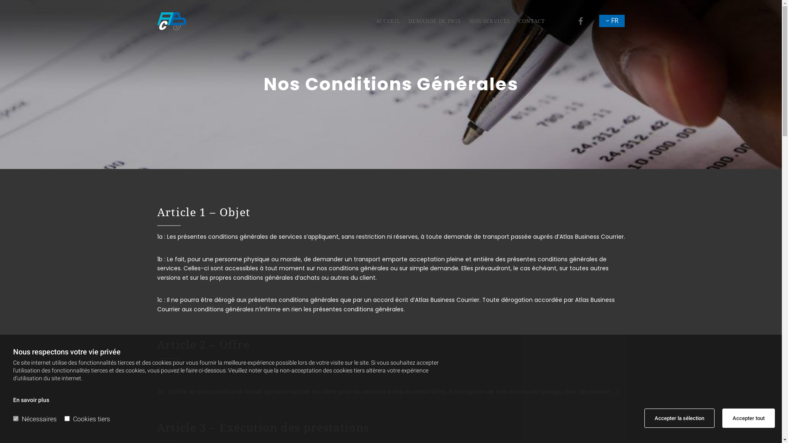 The width and height of the screenshot is (788, 443). Describe the element at coordinates (31, 400) in the screenshot. I see `'En savoir plus'` at that location.